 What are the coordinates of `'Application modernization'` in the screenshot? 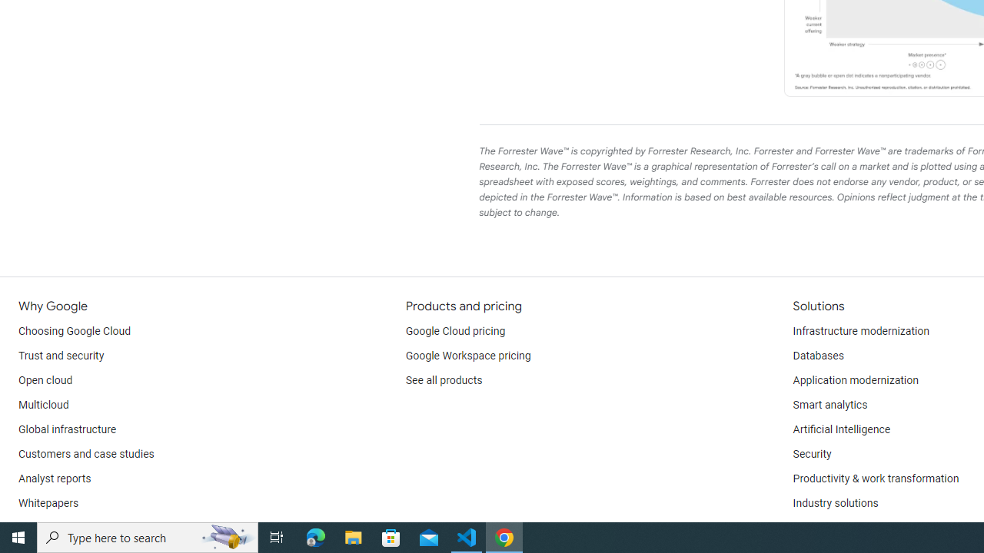 It's located at (854, 380).